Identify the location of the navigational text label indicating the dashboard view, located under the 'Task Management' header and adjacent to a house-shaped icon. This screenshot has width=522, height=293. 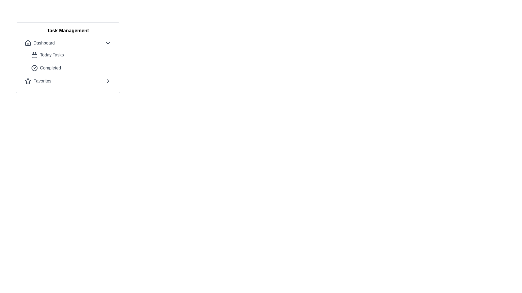
(44, 43).